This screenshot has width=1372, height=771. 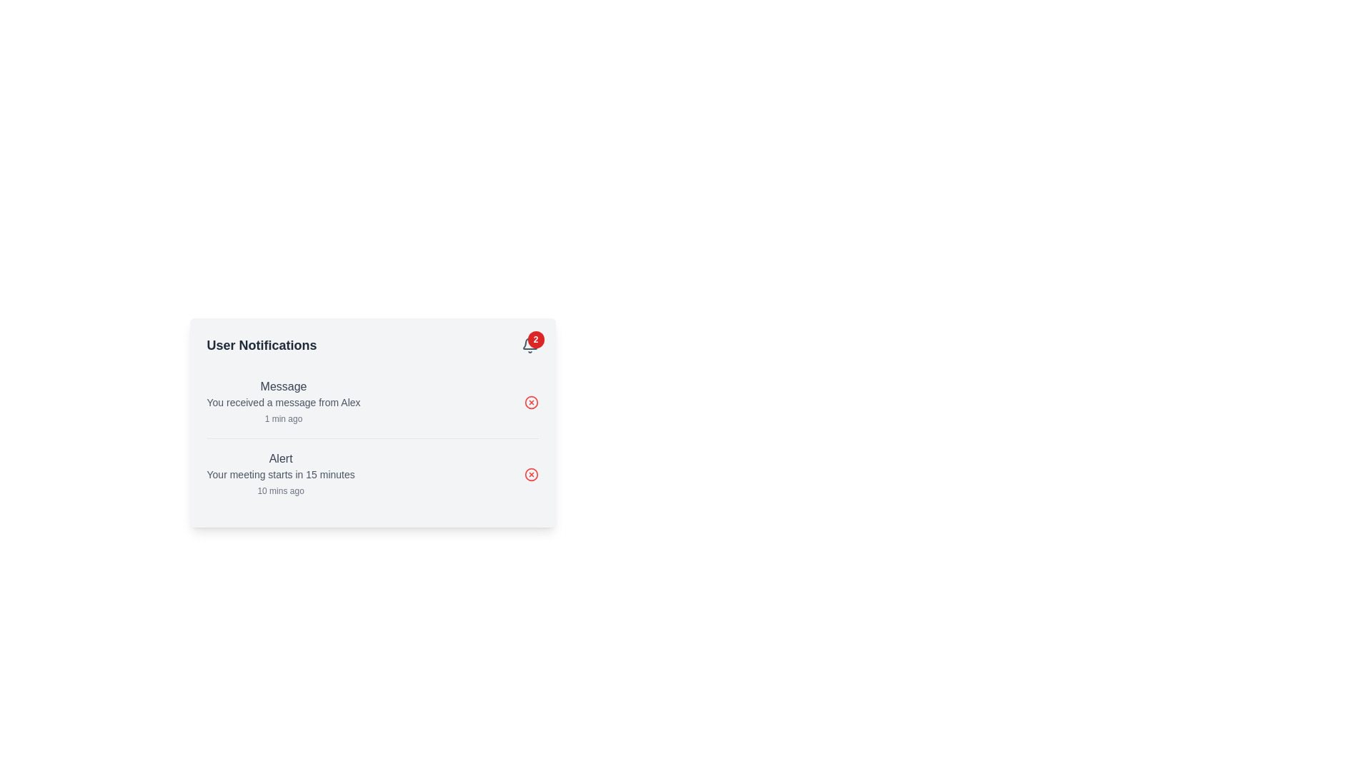 What do you see at coordinates (262, 345) in the screenshot?
I see `the 'User Notifications' label, which is styled with bold typography and dark gray coloring, positioned at the top-left of the notification panel` at bounding box center [262, 345].